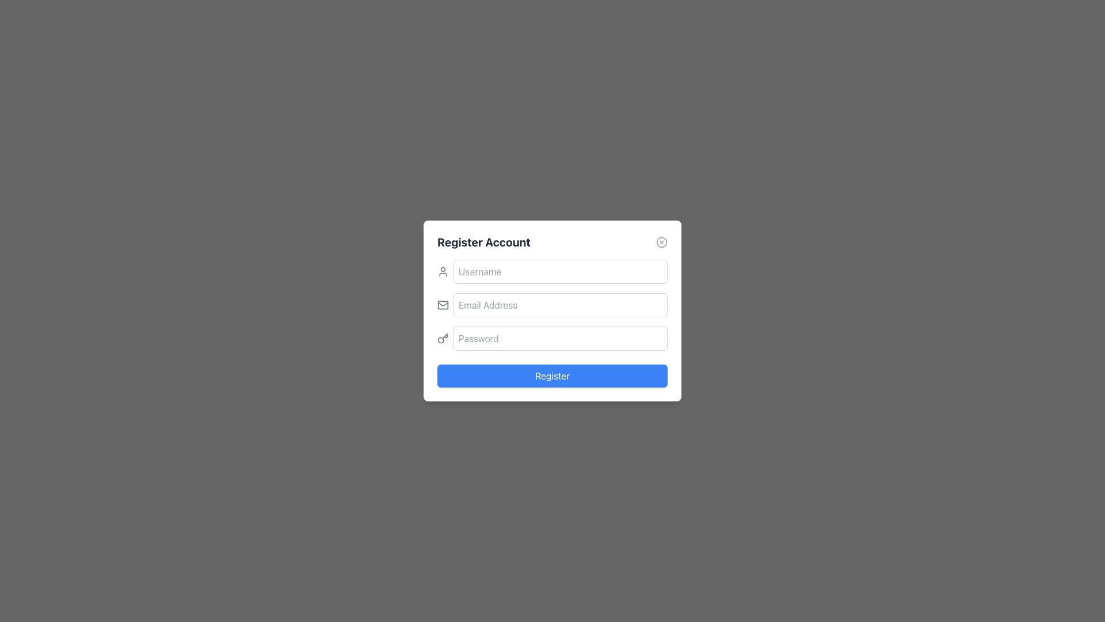 The width and height of the screenshot is (1105, 622). What do you see at coordinates (442, 271) in the screenshot?
I see `the user icon, which is a gray stylized representation of a user located to the left of the 'Username' input field` at bounding box center [442, 271].